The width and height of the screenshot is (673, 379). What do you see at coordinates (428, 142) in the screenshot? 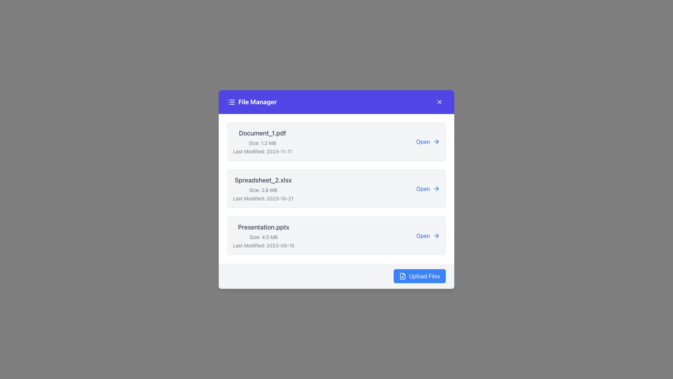
I see `the button located at the rightmost part of the first entry in the list, which opens 'Document_1.pdf', to trigger visual feedback` at bounding box center [428, 142].